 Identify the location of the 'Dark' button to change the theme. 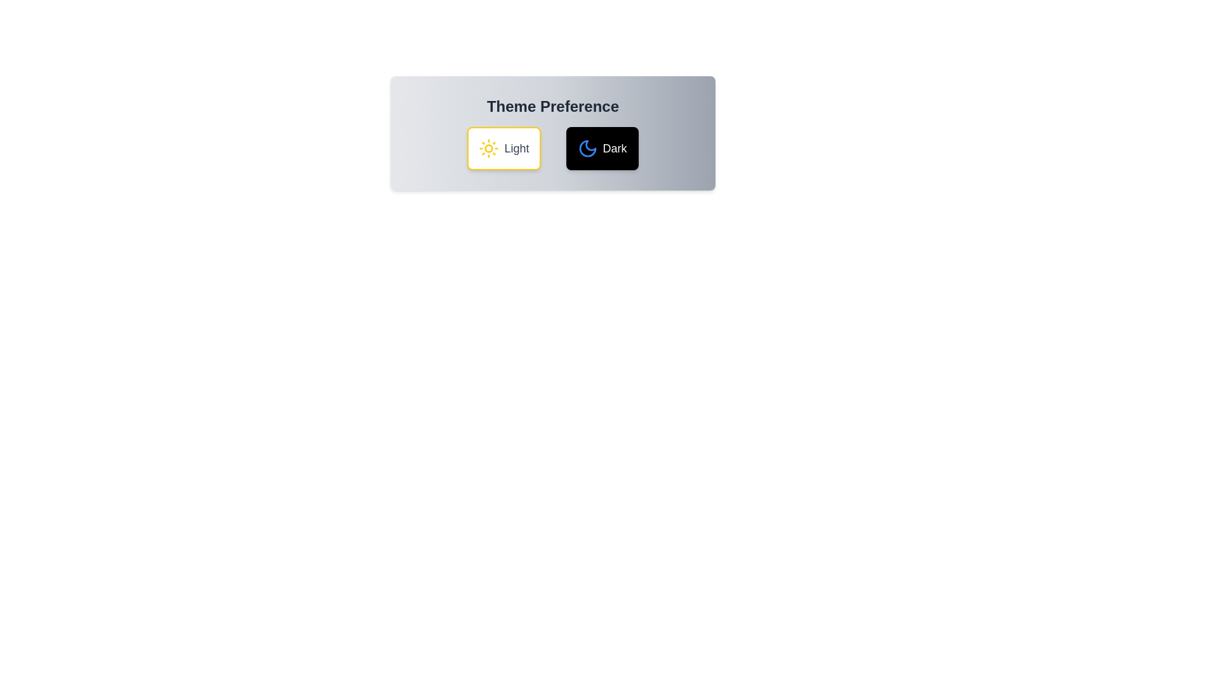
(601, 148).